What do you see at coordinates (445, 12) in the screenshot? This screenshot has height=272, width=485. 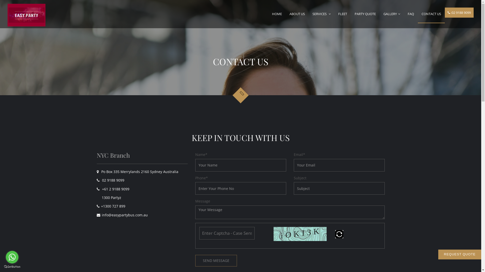 I see `':02 9188 9099'` at bounding box center [445, 12].